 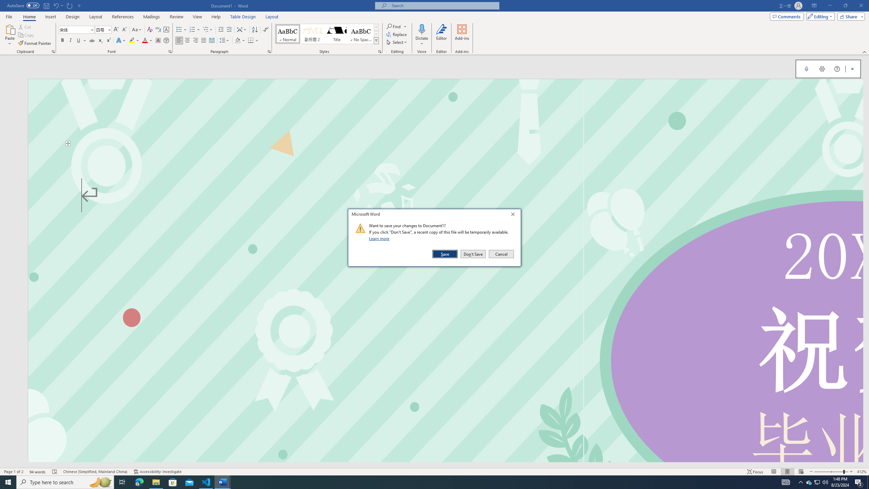 What do you see at coordinates (206, 482) in the screenshot?
I see `'Visual Studio Code - 1 running window'` at bounding box center [206, 482].